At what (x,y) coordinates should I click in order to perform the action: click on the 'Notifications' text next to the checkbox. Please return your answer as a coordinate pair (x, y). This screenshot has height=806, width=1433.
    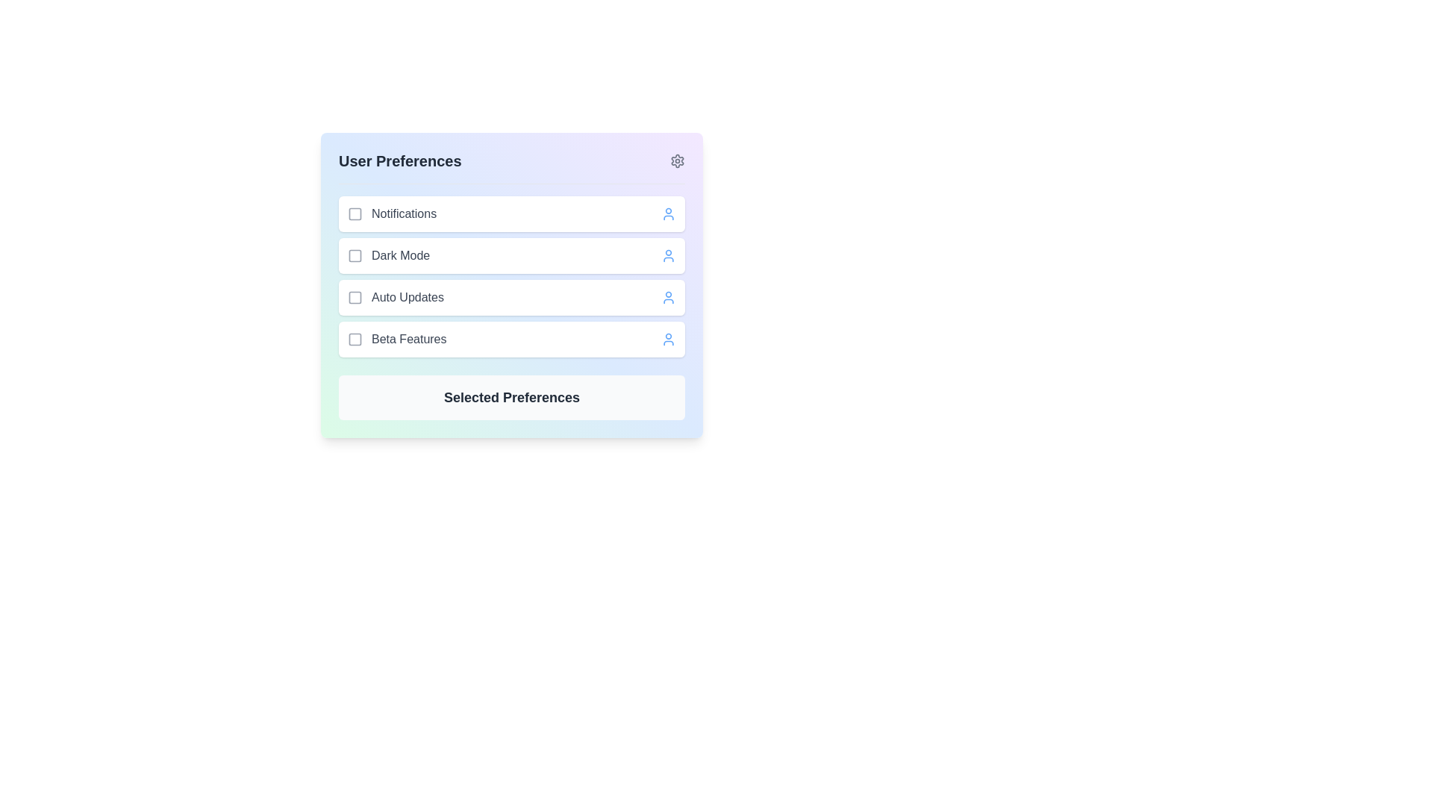
    Looking at the image, I should click on (392, 213).